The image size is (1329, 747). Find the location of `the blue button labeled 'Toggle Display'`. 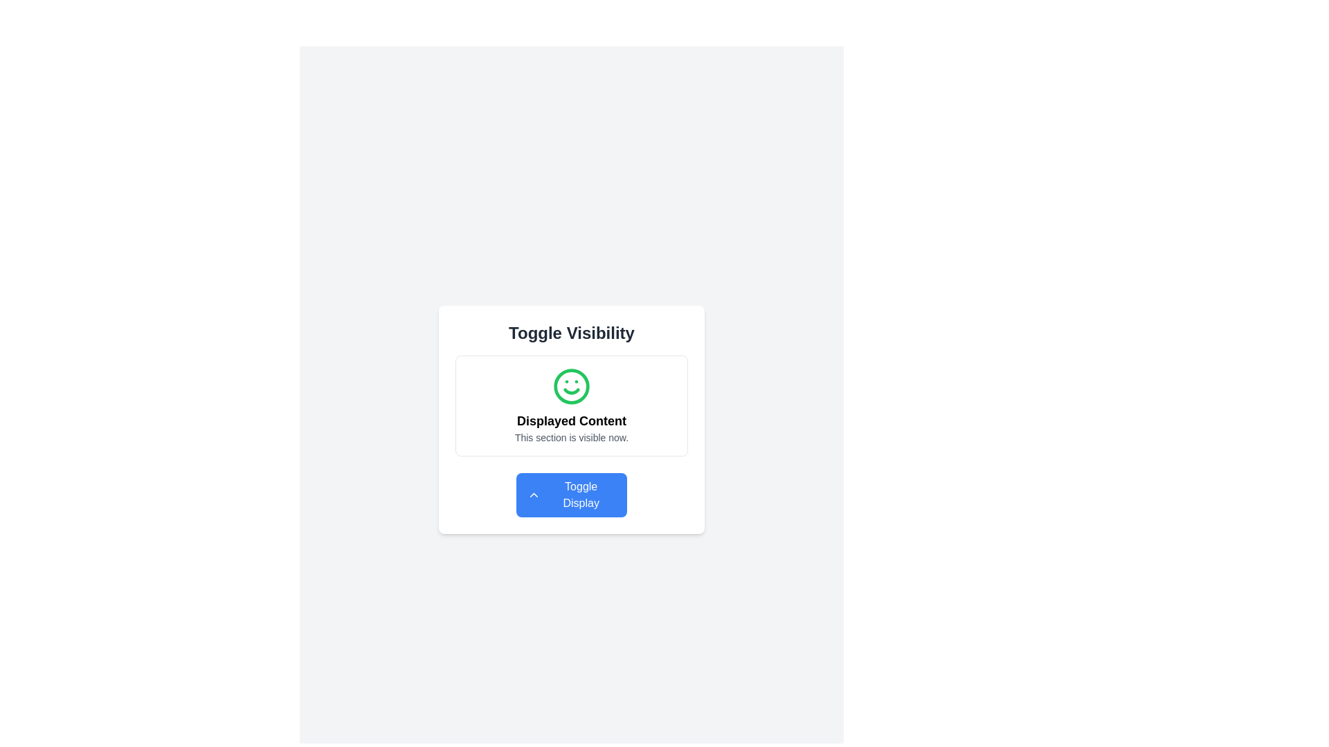

the blue button labeled 'Toggle Display' is located at coordinates (533, 495).